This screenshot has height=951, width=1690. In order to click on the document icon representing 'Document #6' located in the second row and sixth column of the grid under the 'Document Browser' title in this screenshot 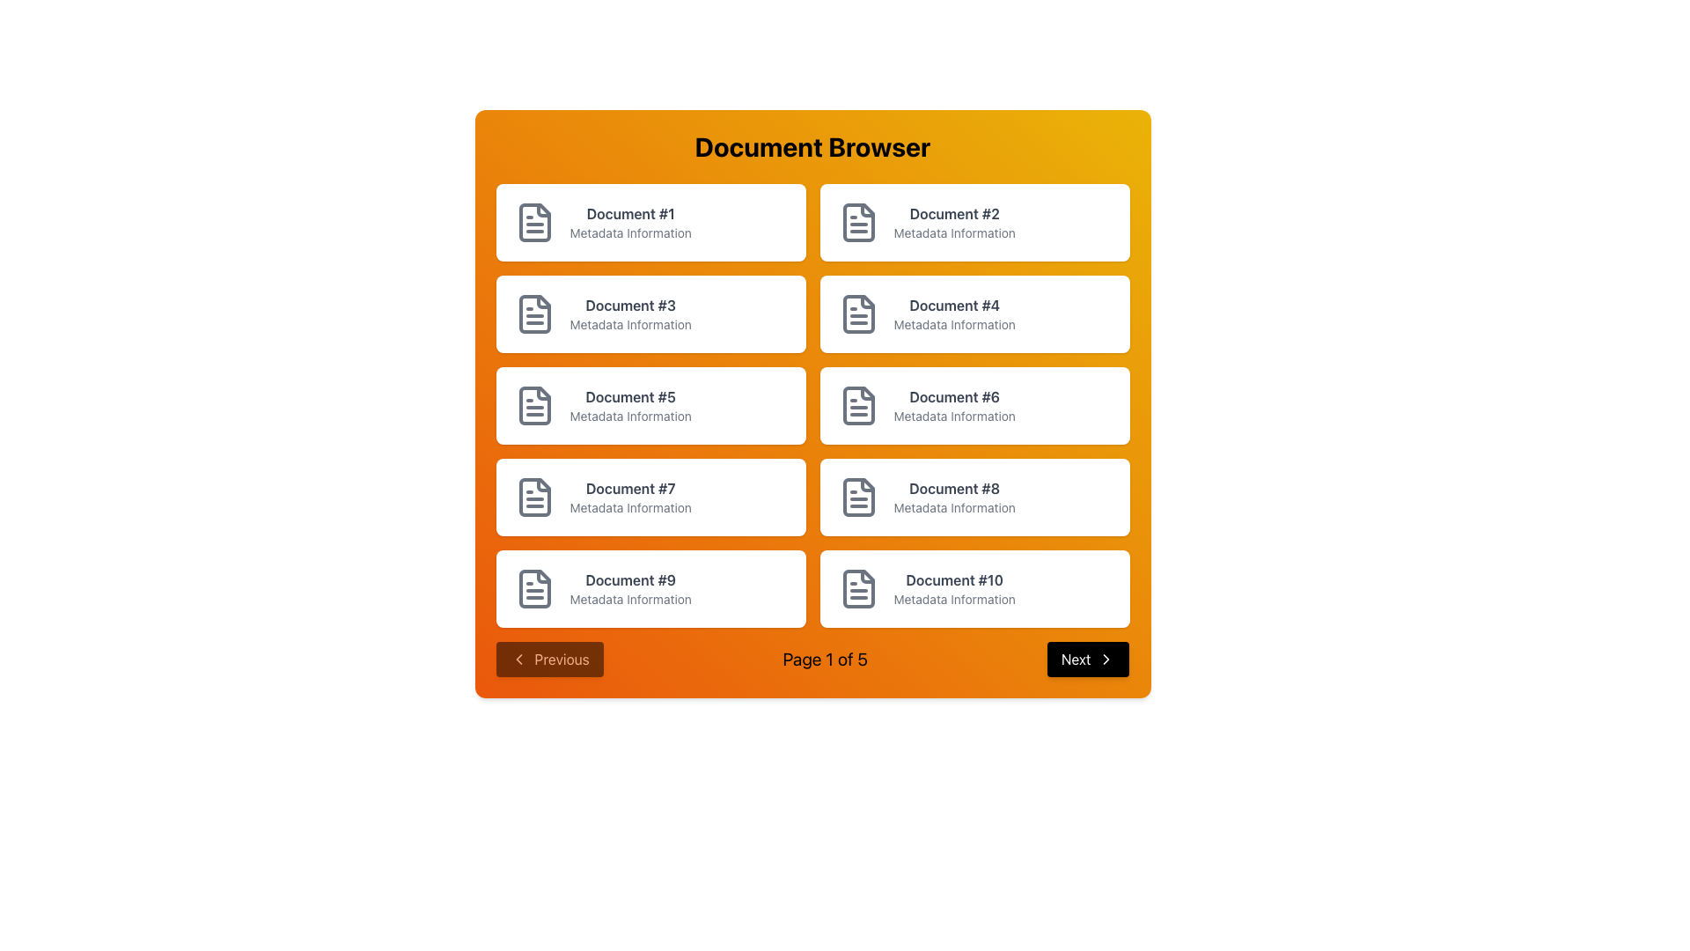, I will do `click(858, 406)`.